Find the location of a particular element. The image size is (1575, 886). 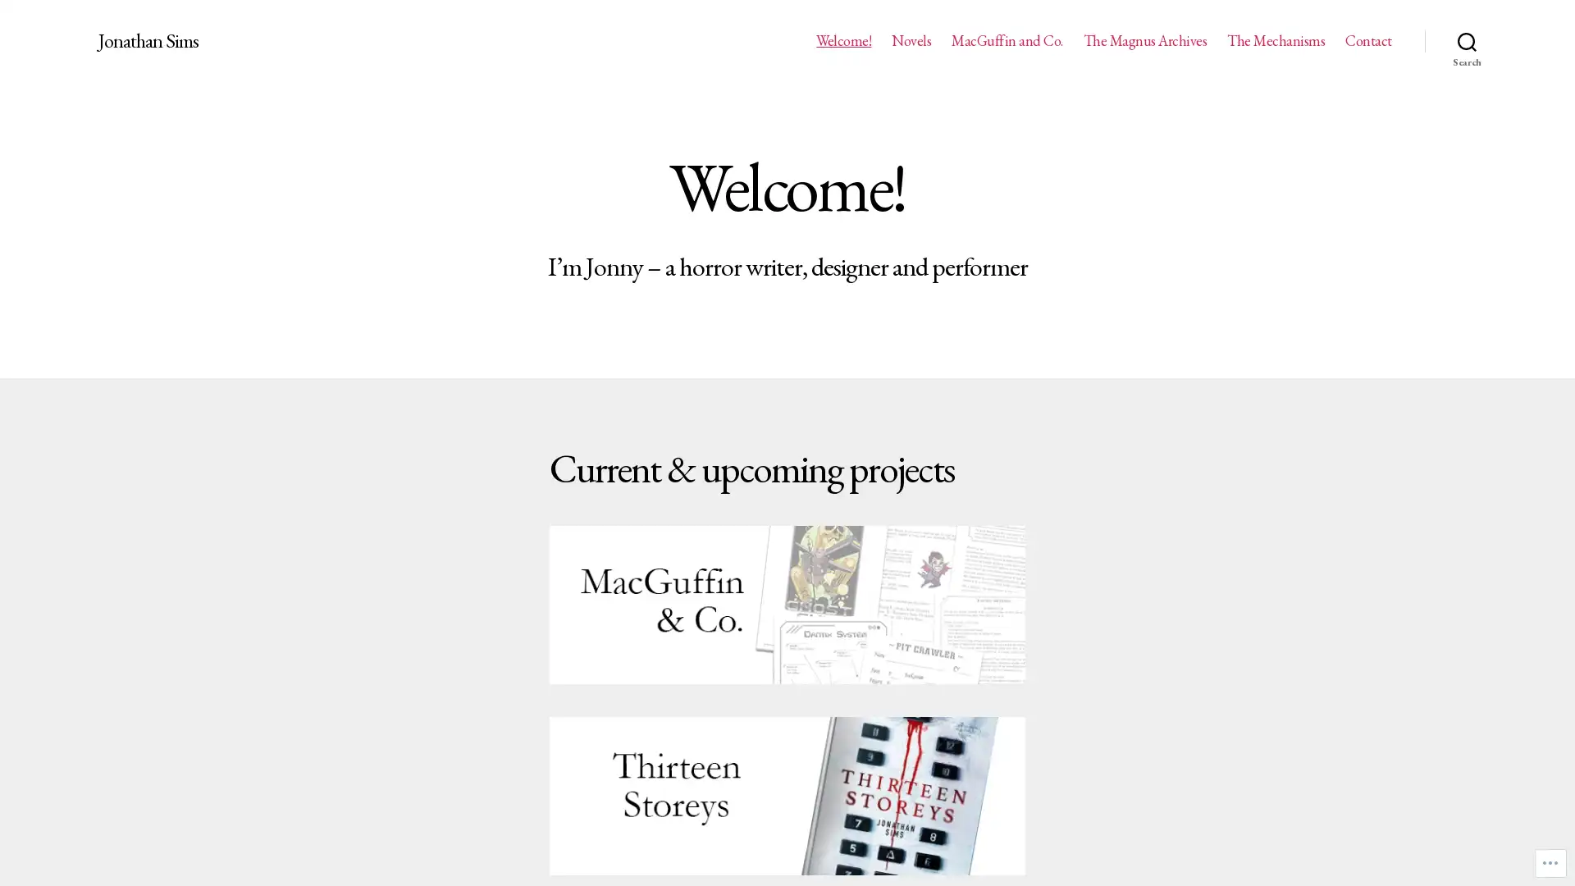

Search is located at coordinates (1467, 40).